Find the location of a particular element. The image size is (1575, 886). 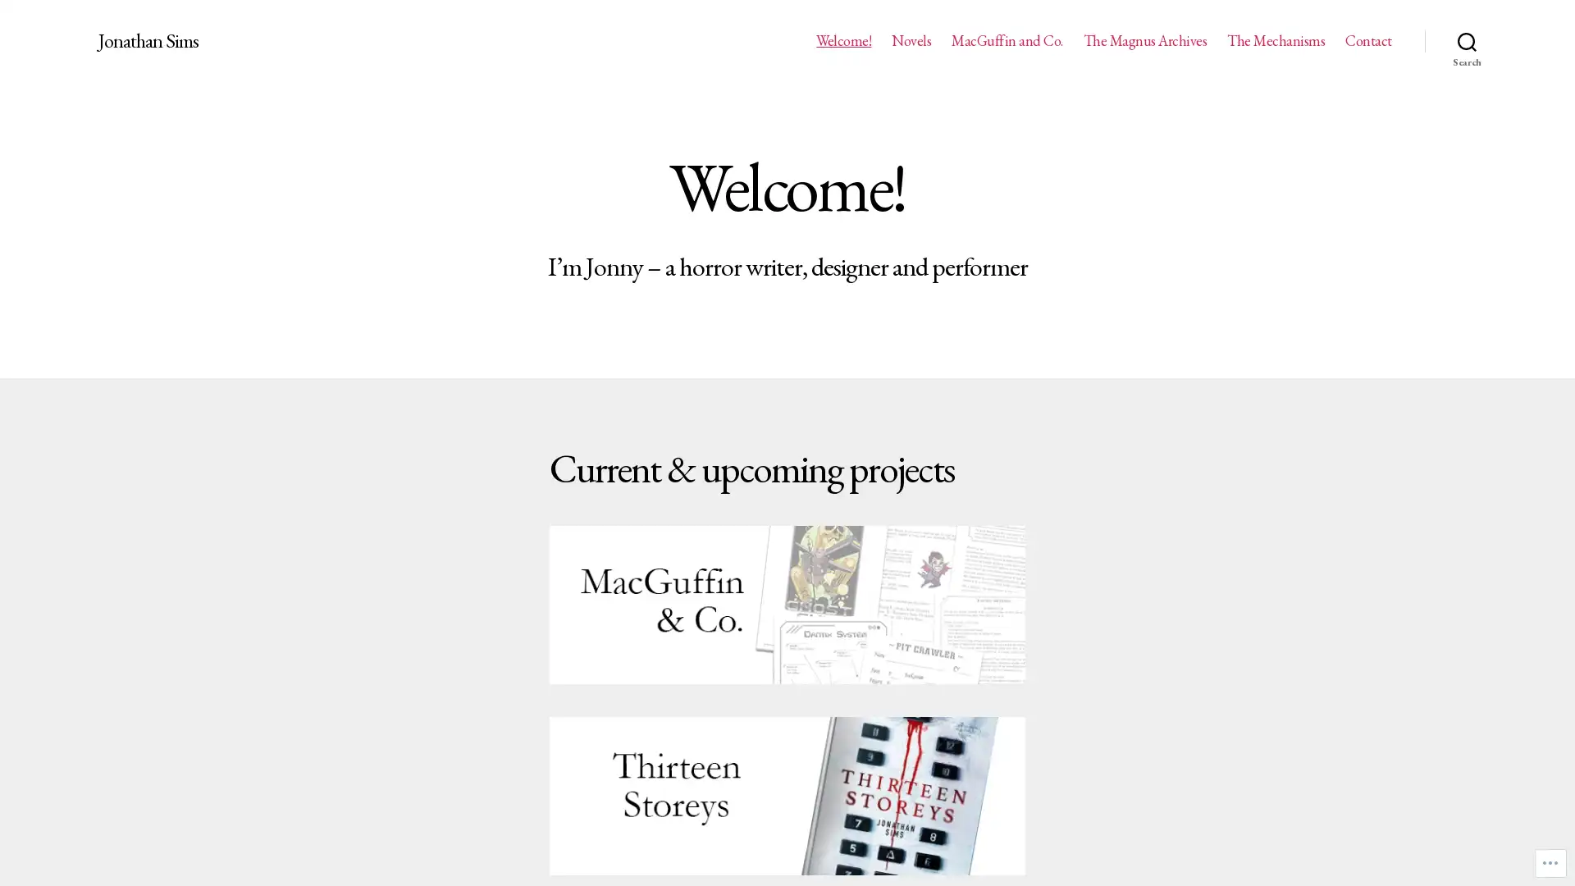

Search is located at coordinates (1467, 40).